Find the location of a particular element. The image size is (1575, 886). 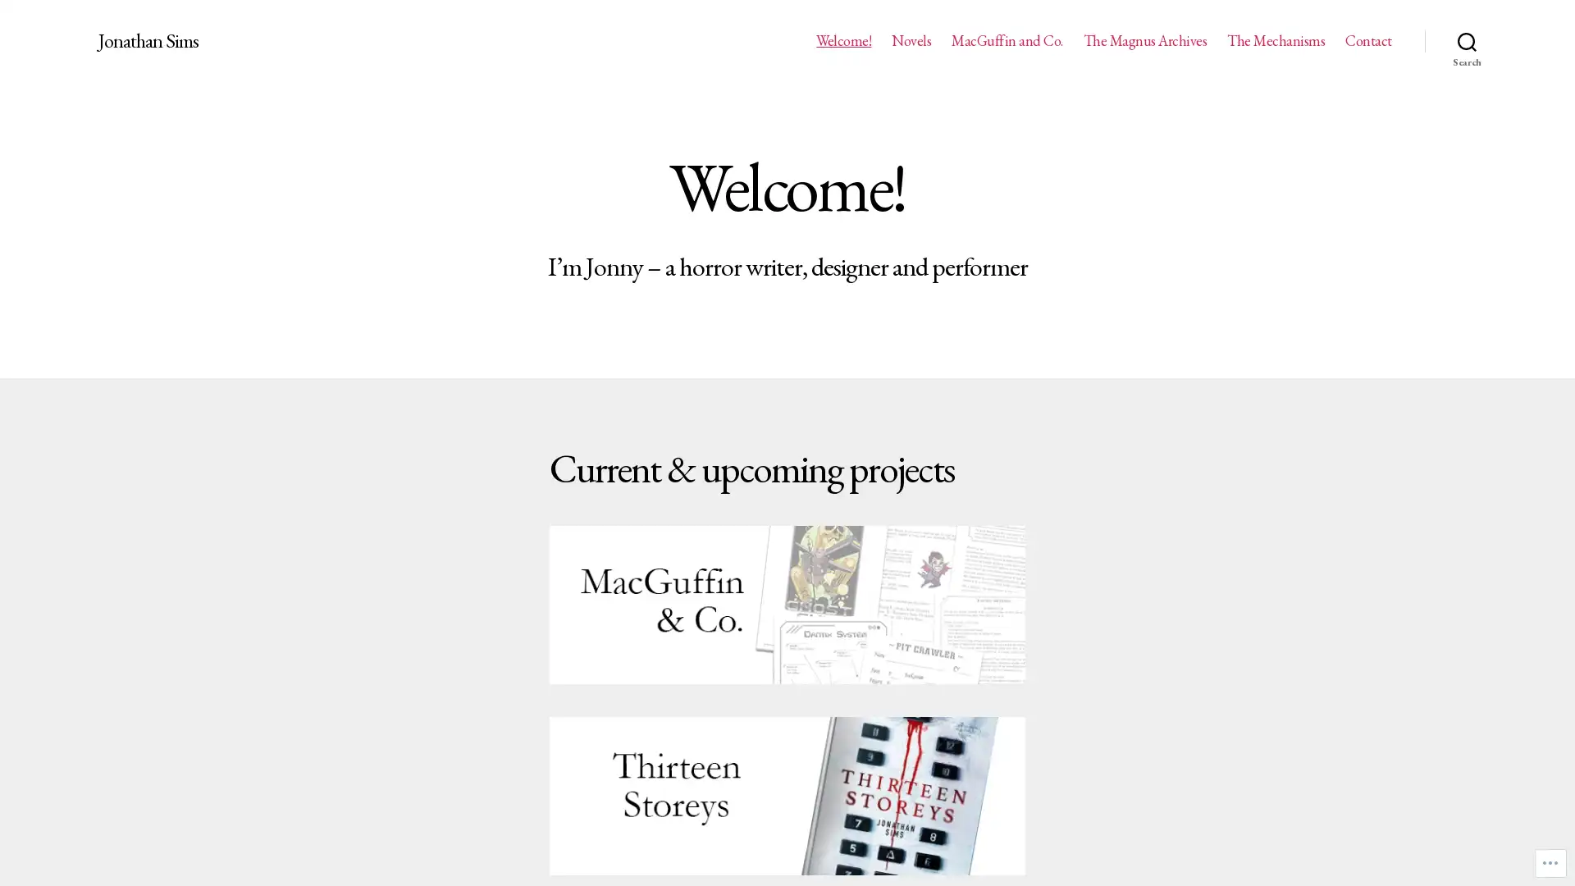

Search is located at coordinates (1467, 40).